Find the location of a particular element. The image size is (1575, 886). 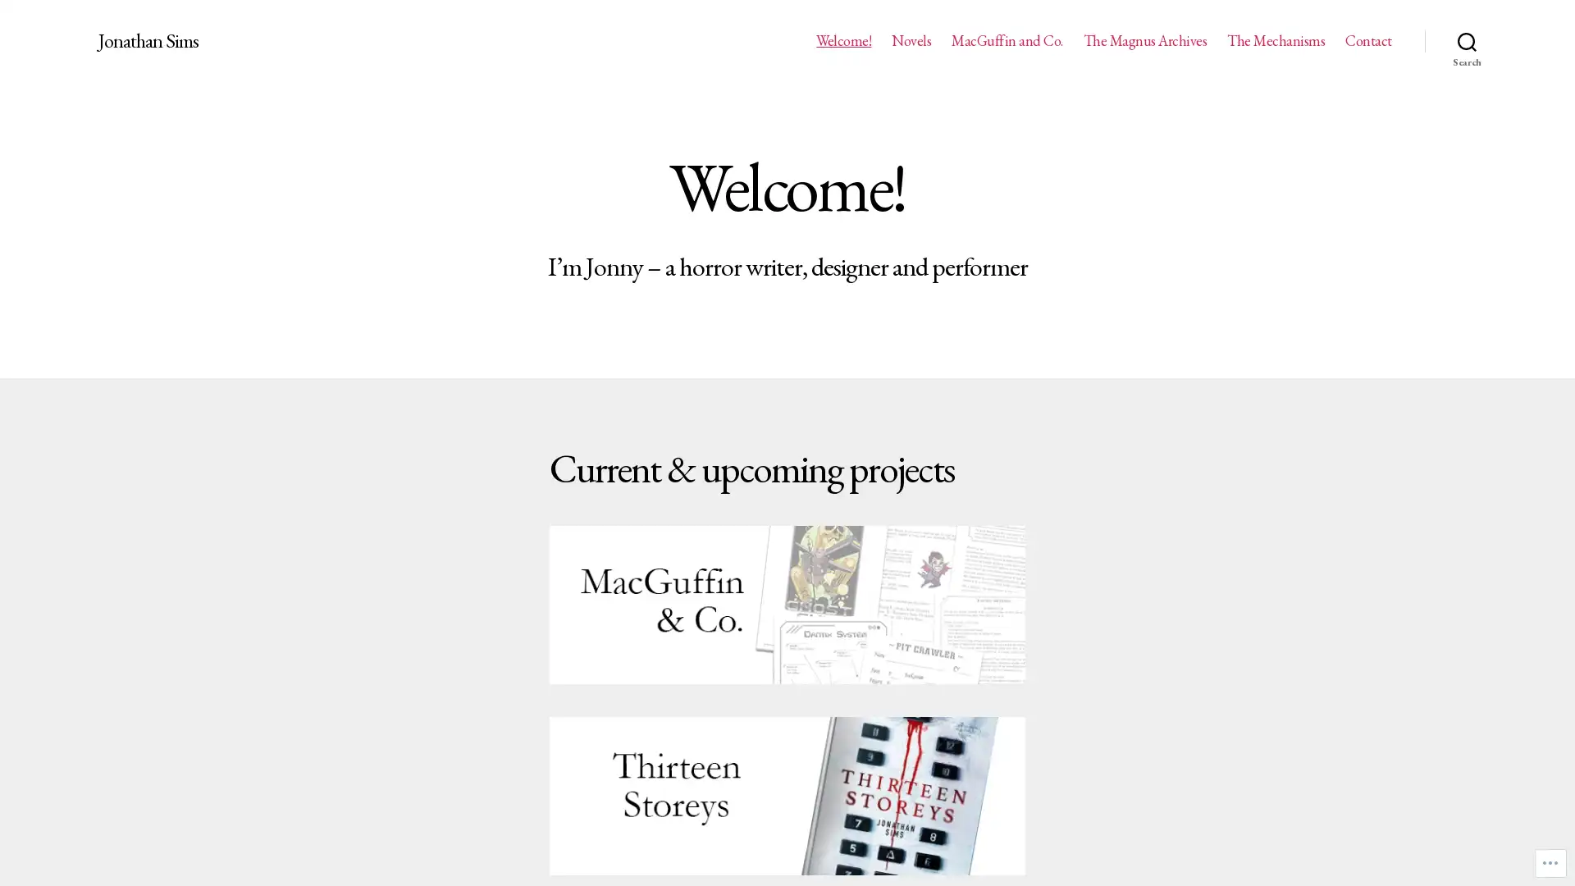

Search is located at coordinates (1467, 40).